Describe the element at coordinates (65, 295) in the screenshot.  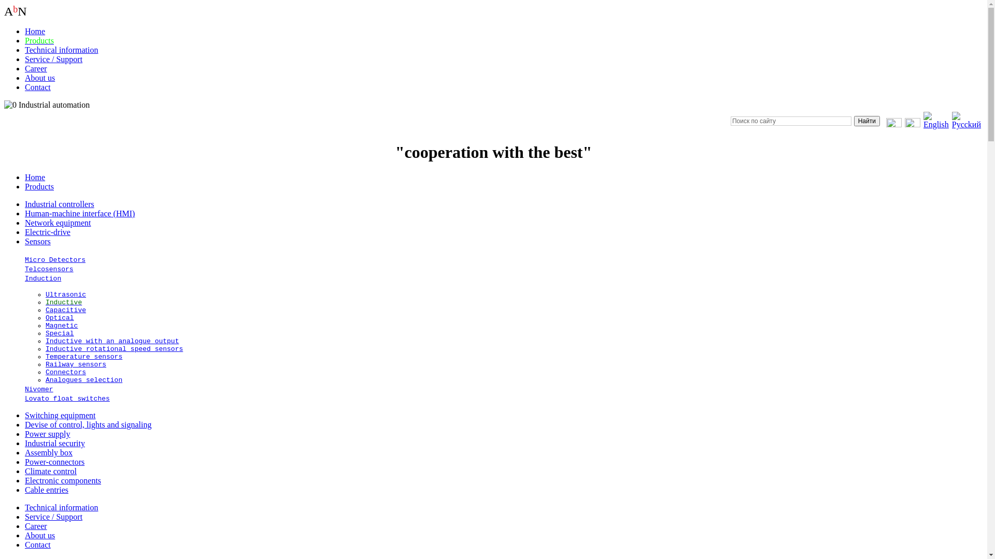
I see `'Ultrasonic'` at that location.